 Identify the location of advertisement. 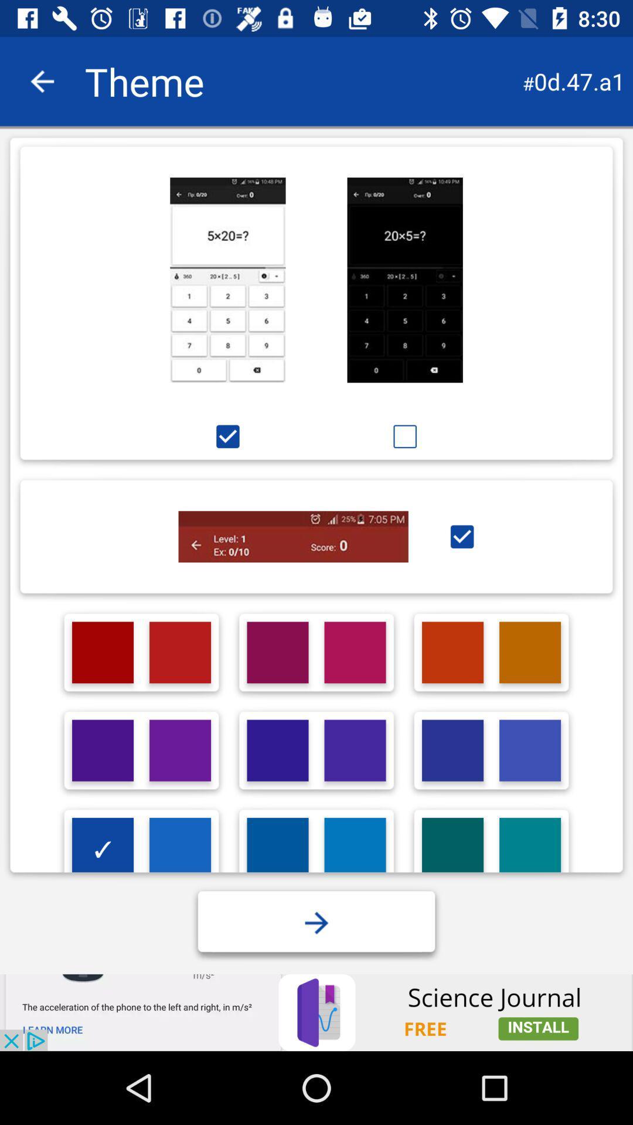
(316, 1012).